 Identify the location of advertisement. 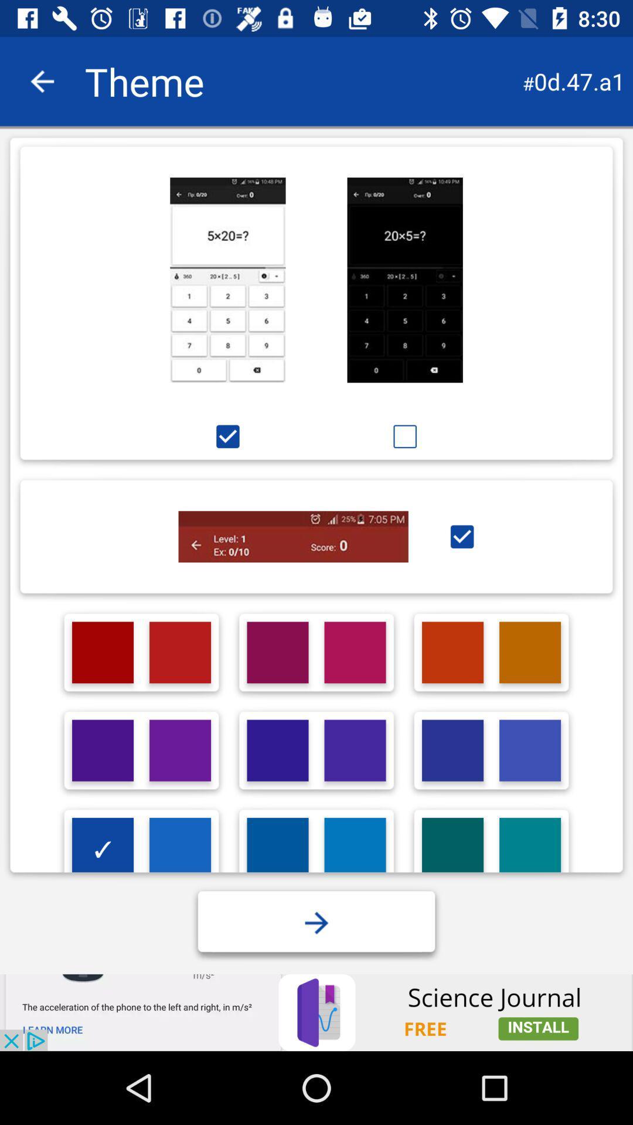
(316, 1012).